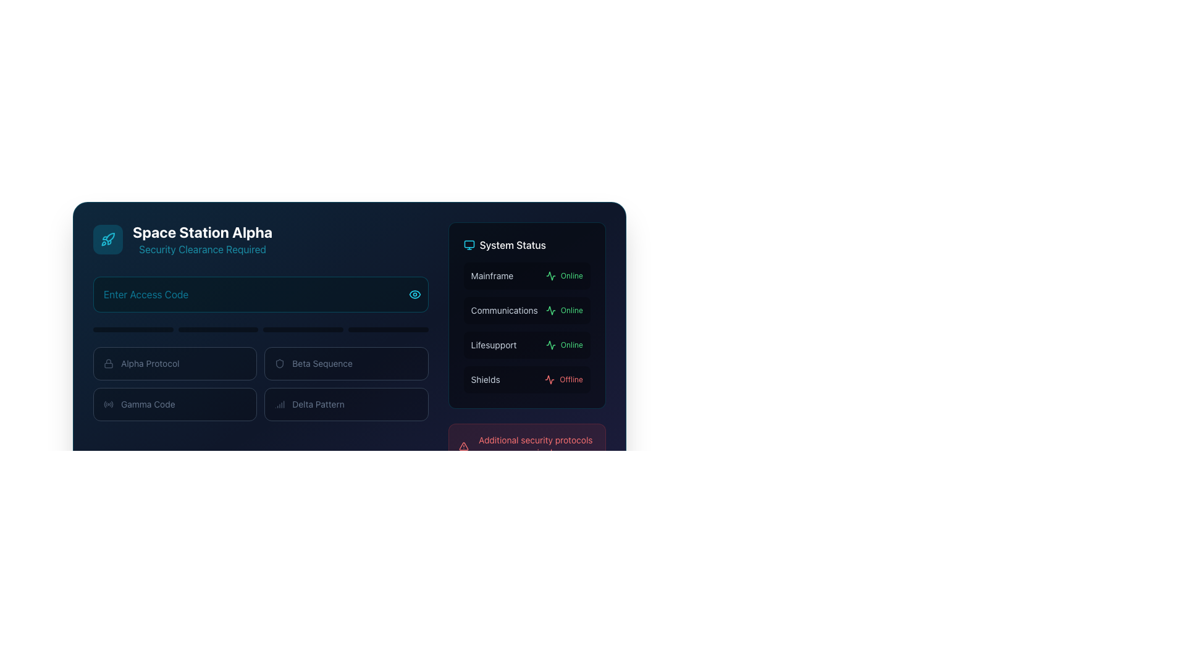  What do you see at coordinates (550, 345) in the screenshot?
I see `green waveform-like icon located in the 'System Status' panel, positioned to the left of the 'Online' label for the 'Communications' status` at bounding box center [550, 345].